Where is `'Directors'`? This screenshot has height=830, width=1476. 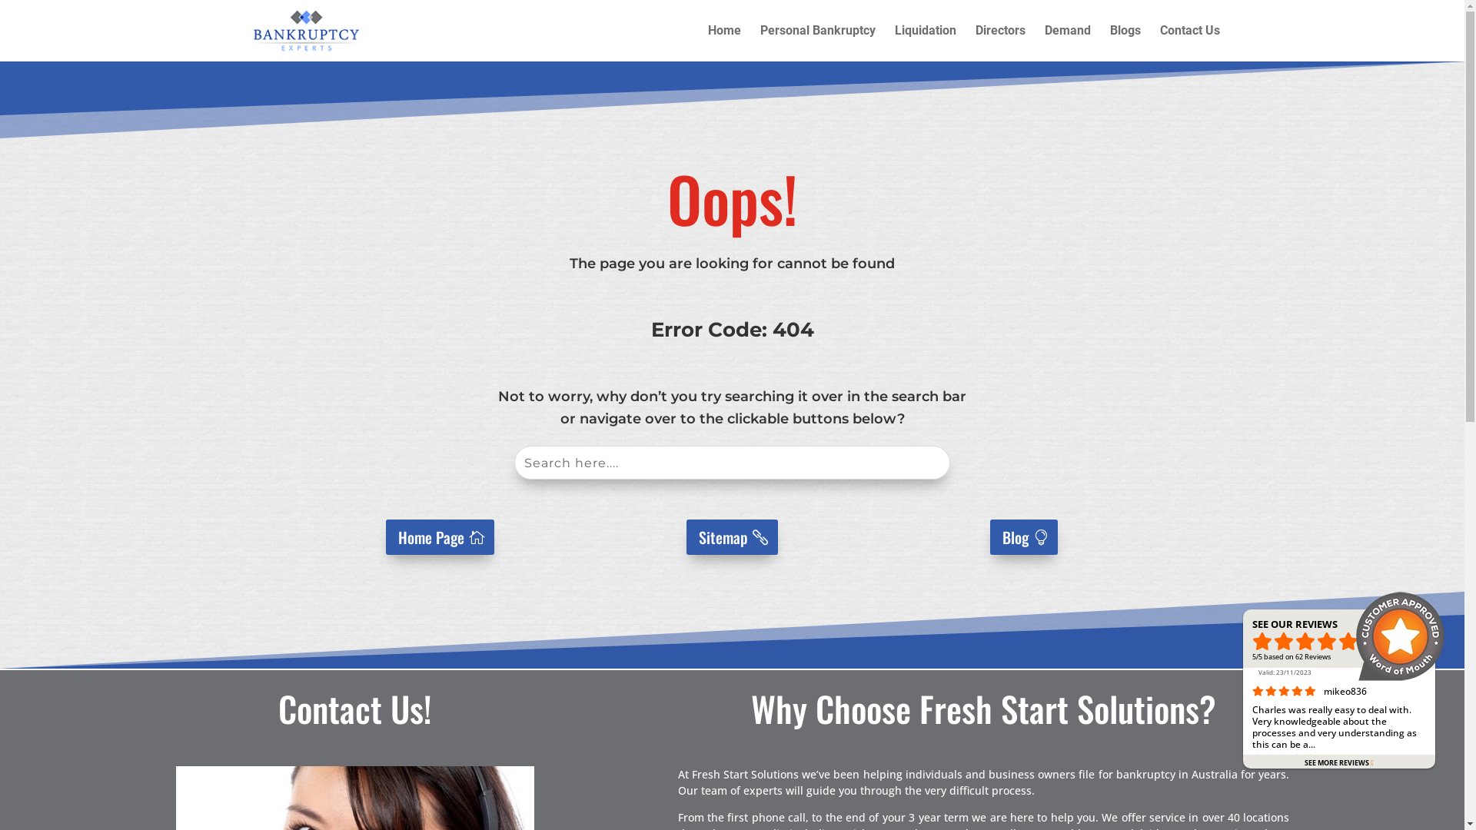 'Directors' is located at coordinates (1000, 42).